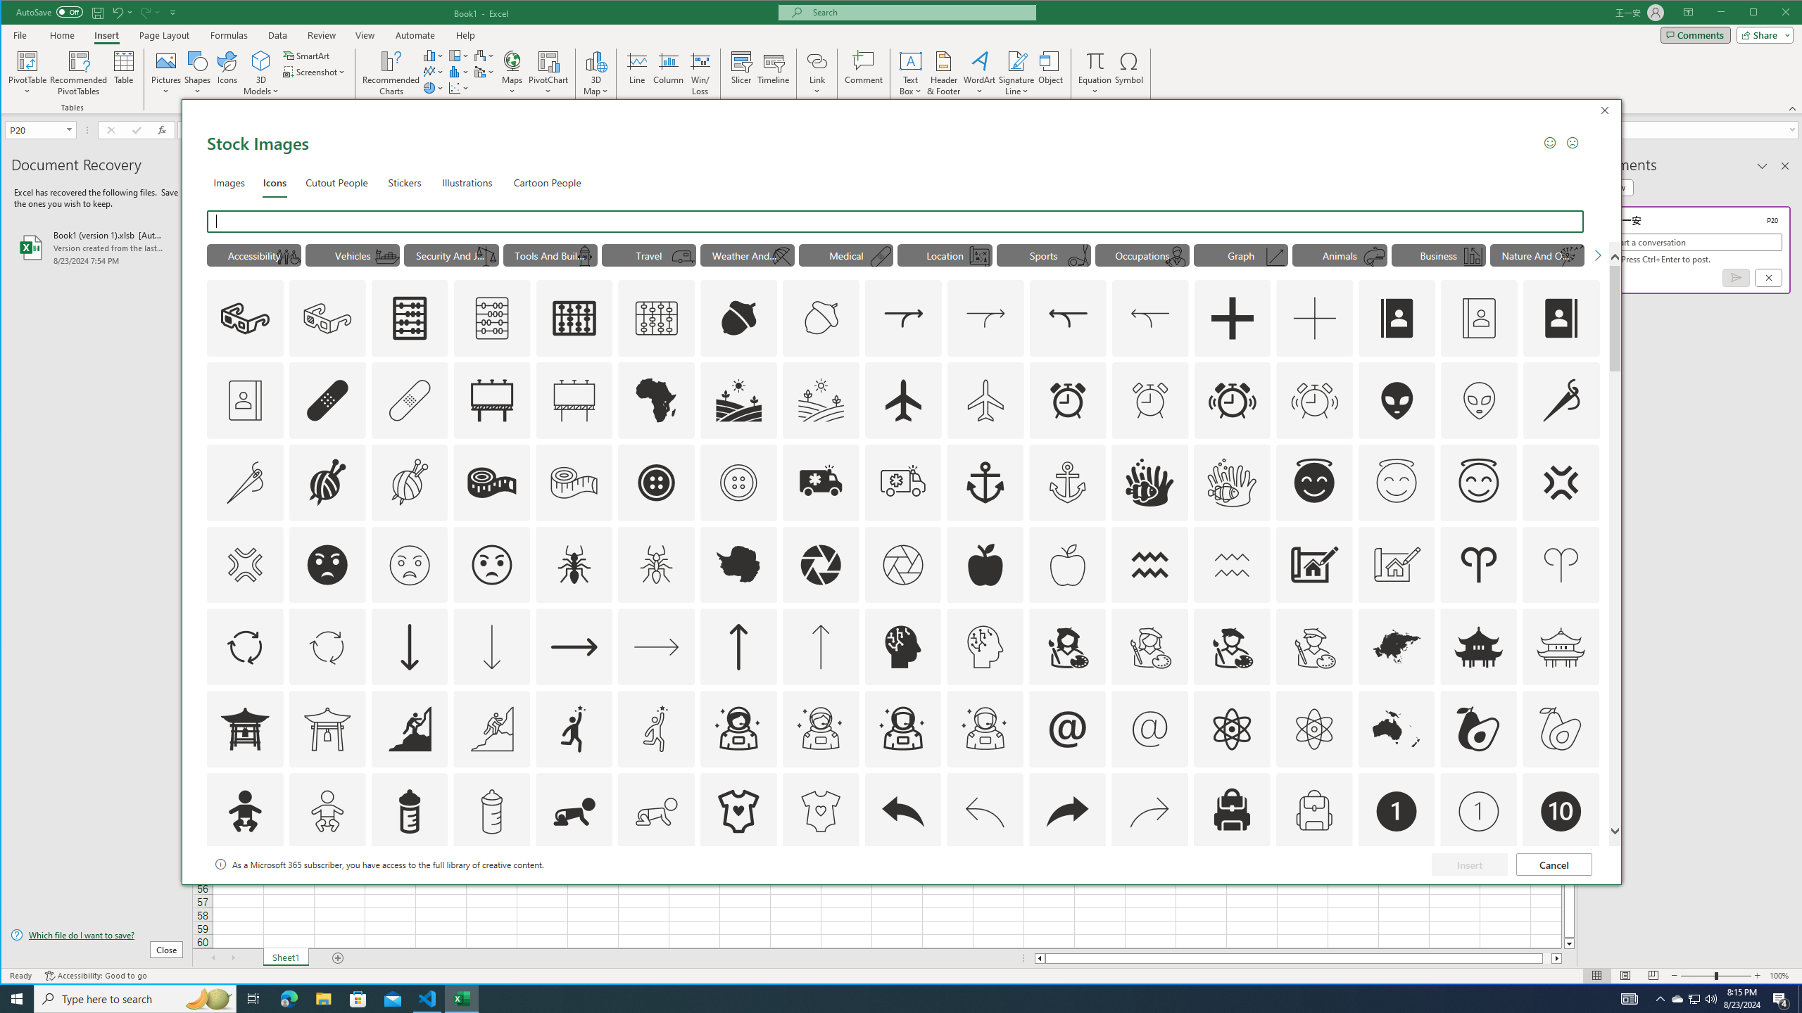 The height and width of the screenshot is (1013, 1802). What do you see at coordinates (574, 646) in the screenshot?
I see `'AutomationID: Icons_ArrowRight'` at bounding box center [574, 646].